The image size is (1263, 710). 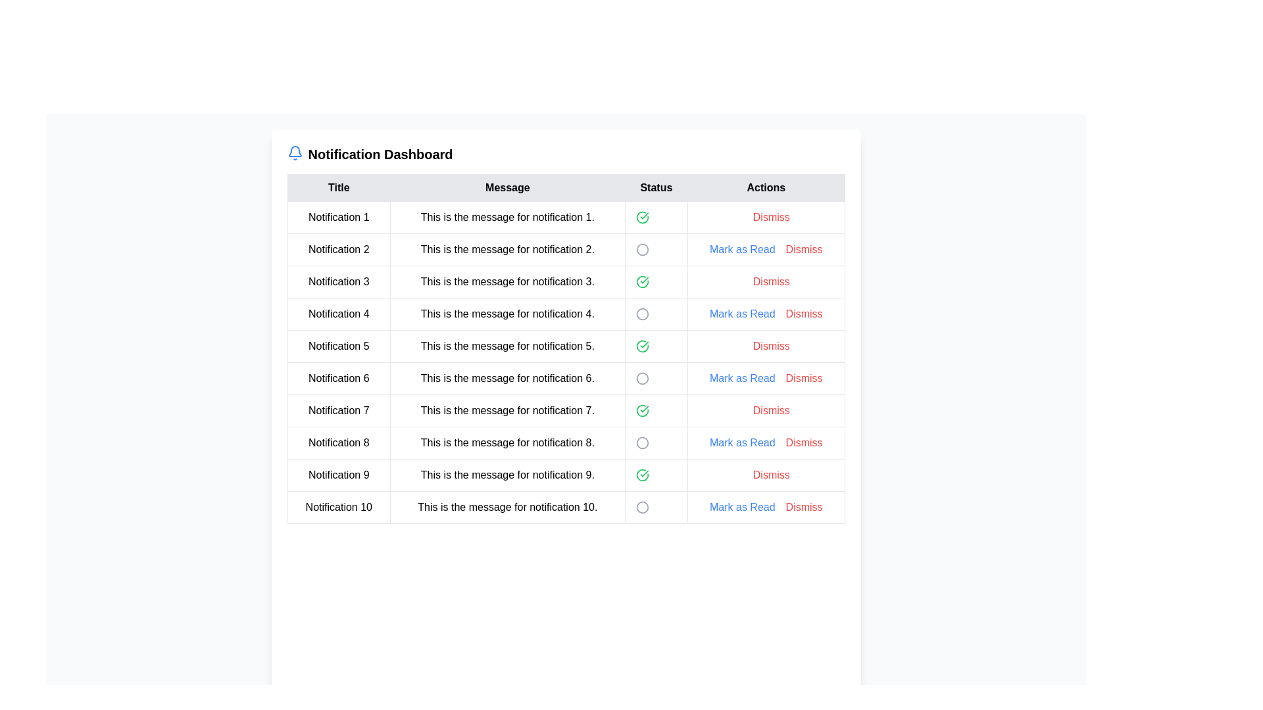 I want to click on the Text label in the eighth row of the notification table under the 'Title' column to identify the specific notification, so click(x=339, y=443).